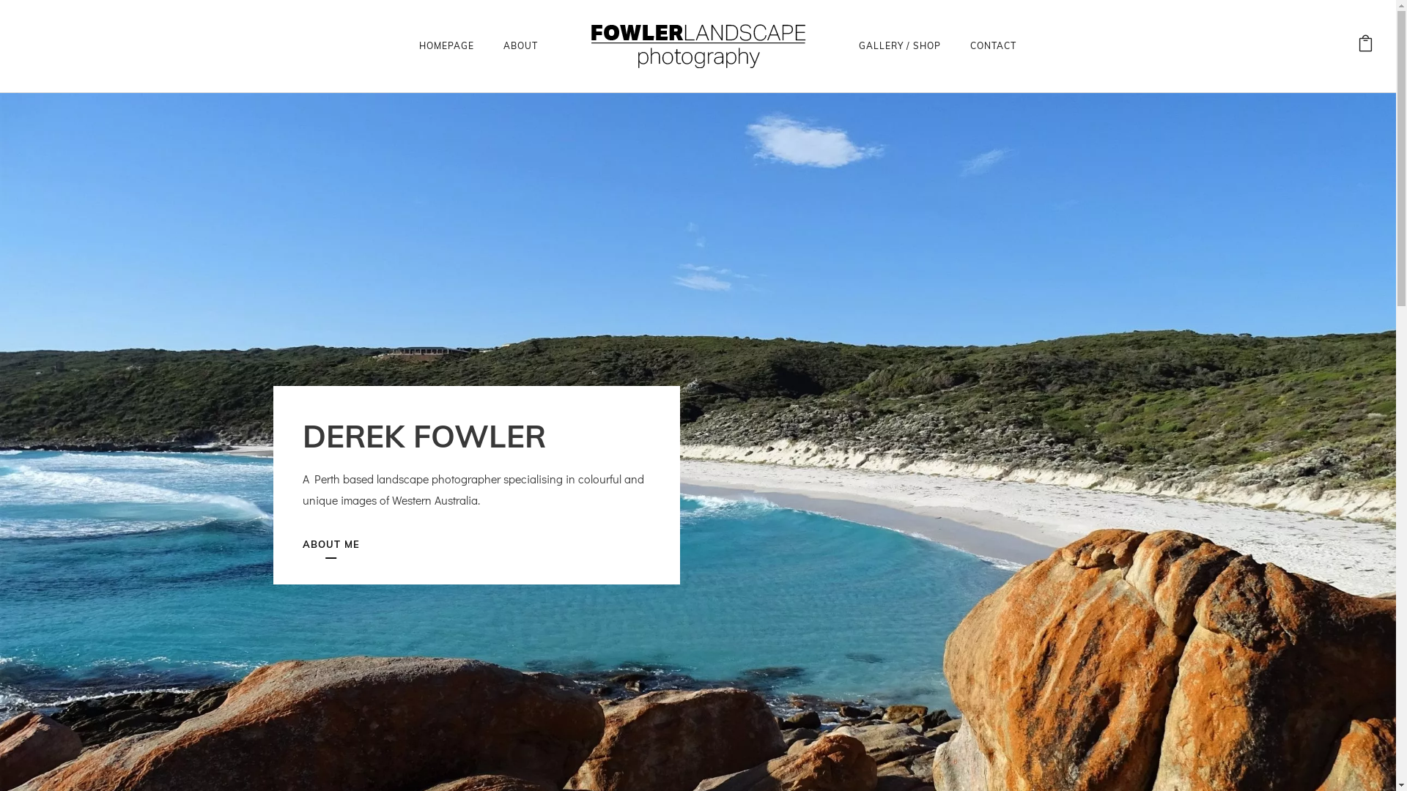  Describe the element at coordinates (1364, 45) in the screenshot. I see `'View your shopping cart'` at that location.